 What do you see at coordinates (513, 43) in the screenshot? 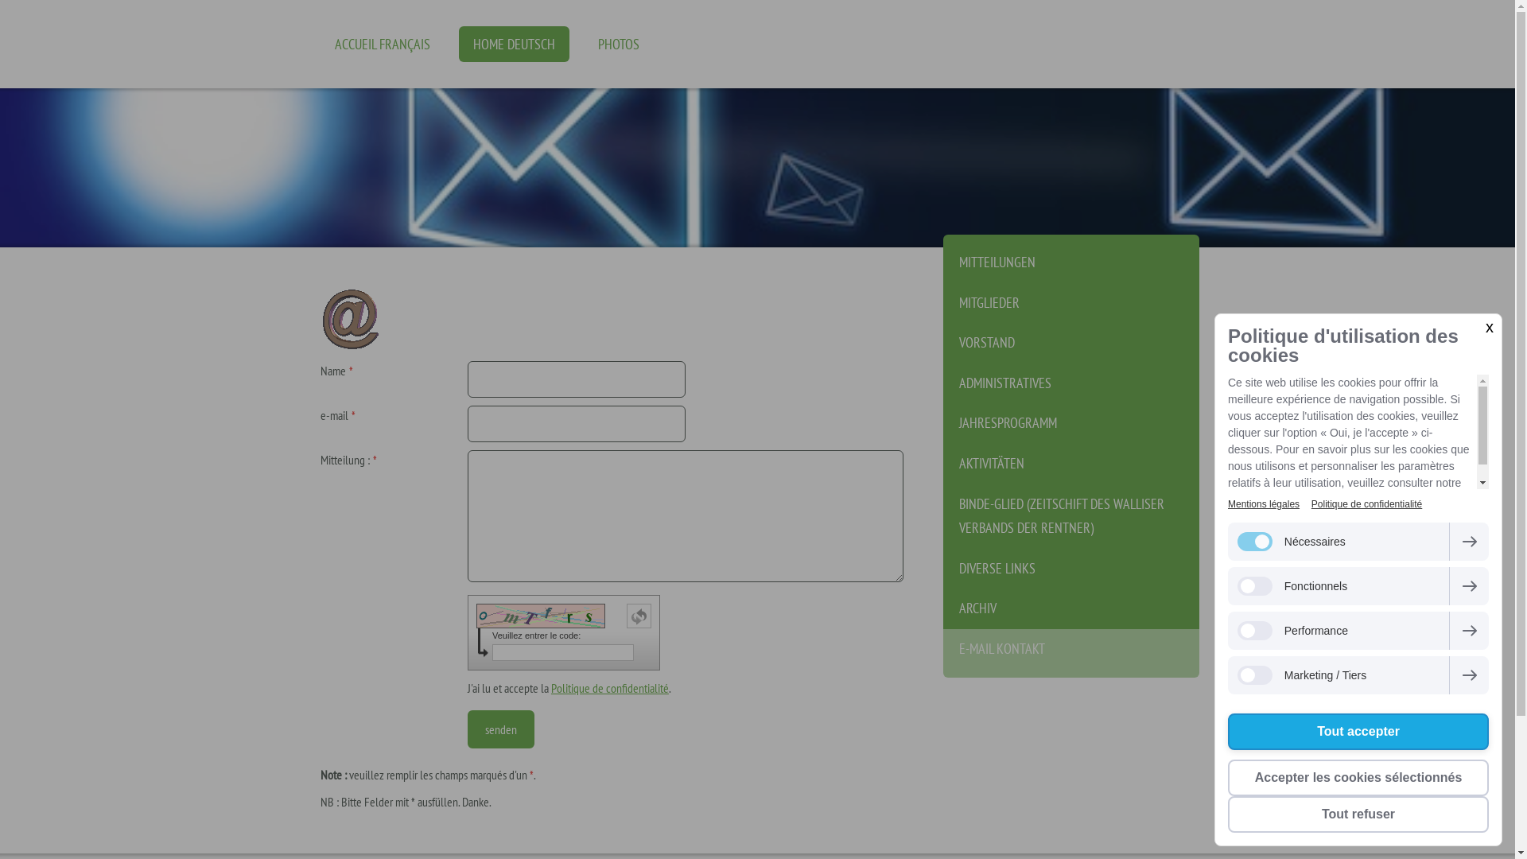
I see `'HOME DEUTSCH'` at bounding box center [513, 43].